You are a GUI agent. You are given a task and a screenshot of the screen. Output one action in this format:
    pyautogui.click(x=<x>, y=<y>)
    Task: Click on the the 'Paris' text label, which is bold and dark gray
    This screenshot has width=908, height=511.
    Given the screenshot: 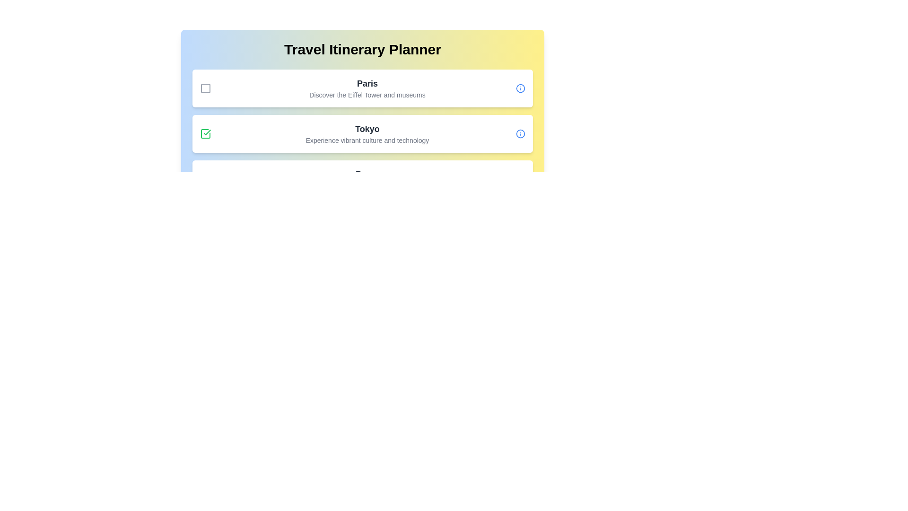 What is the action you would take?
    pyautogui.click(x=367, y=83)
    